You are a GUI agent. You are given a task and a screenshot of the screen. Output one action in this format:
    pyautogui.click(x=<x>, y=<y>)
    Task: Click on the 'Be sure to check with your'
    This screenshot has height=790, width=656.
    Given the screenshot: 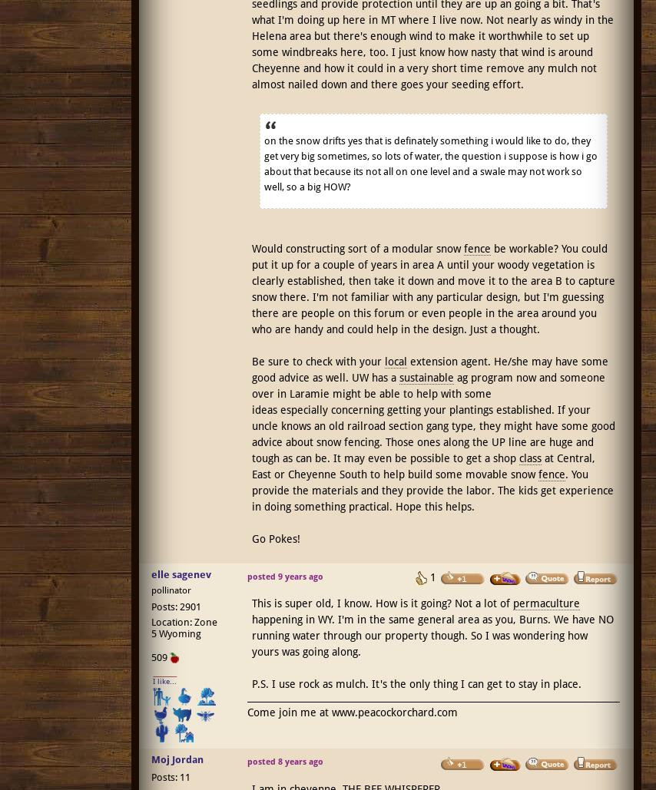 What is the action you would take?
    pyautogui.click(x=317, y=361)
    